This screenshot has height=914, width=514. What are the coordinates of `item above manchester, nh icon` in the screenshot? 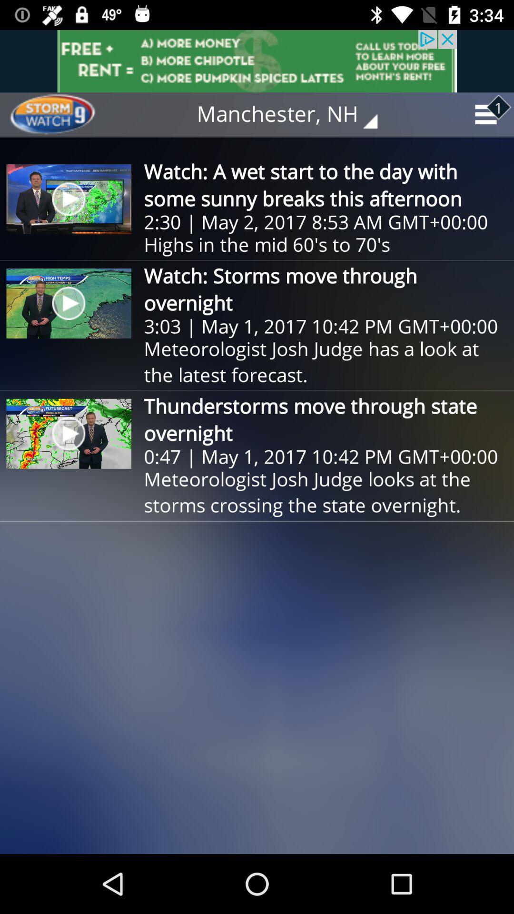 It's located at (257, 60).